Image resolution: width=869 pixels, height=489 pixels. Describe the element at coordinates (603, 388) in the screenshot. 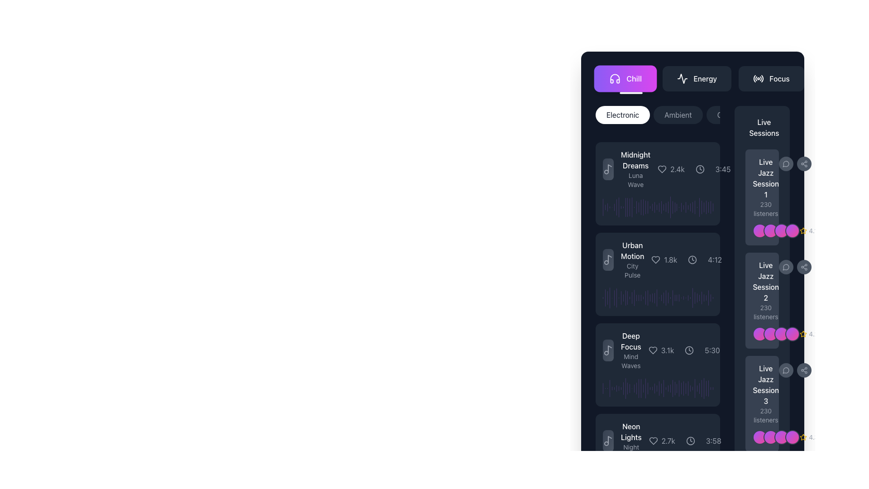

I see `the first vertical Waveform Bar Segment, which is a slim purple bar with rounded edges in the 'Deep Focus' music track card` at that location.